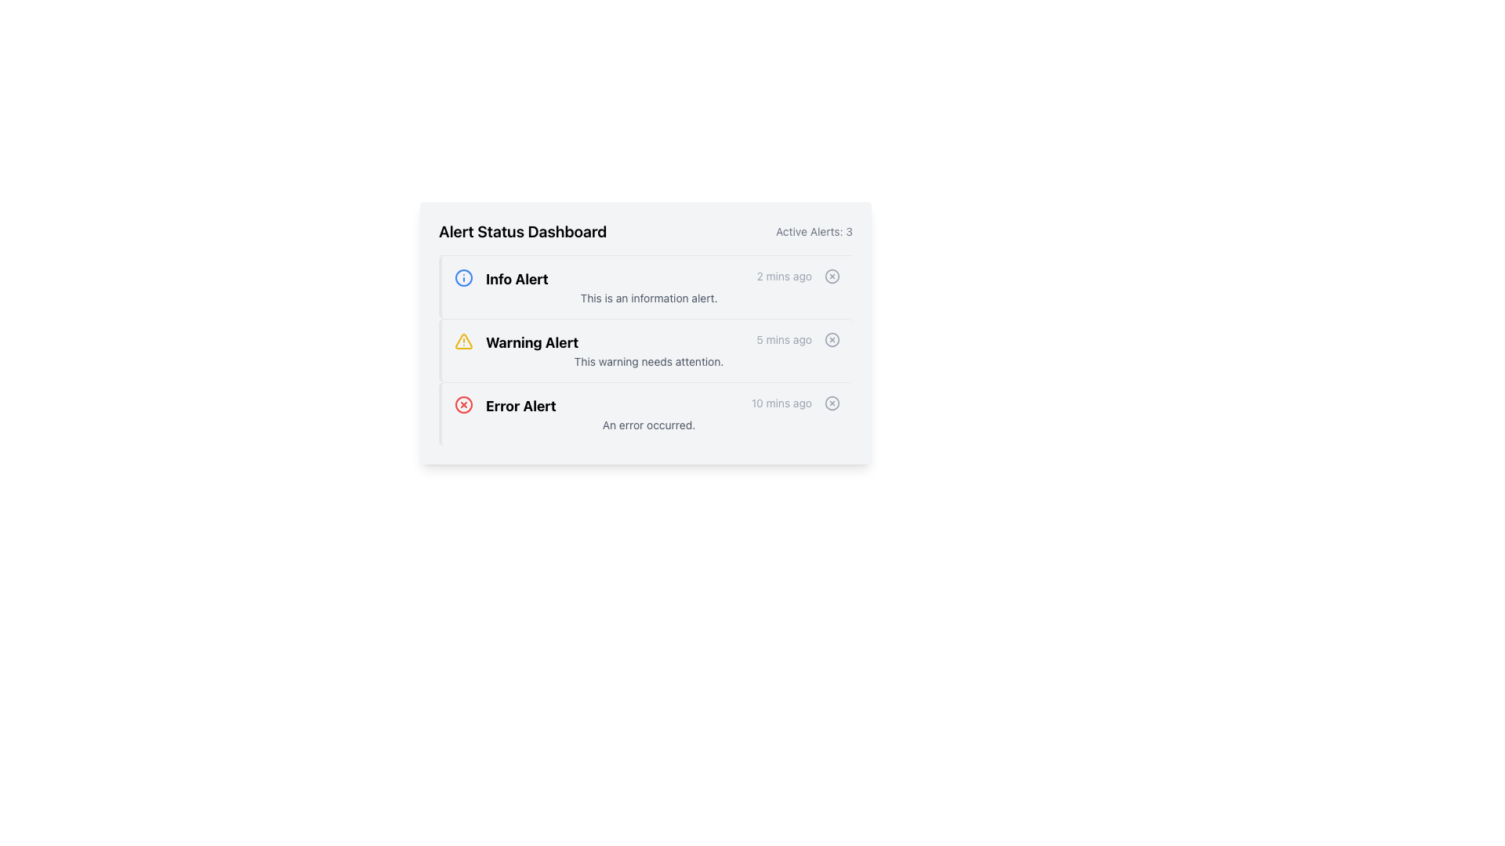 The width and height of the screenshot is (1505, 846). What do you see at coordinates (649, 425) in the screenshot?
I see `the bottom-most text label in the 'Error Alert' section that displays a detailed description of the error event` at bounding box center [649, 425].